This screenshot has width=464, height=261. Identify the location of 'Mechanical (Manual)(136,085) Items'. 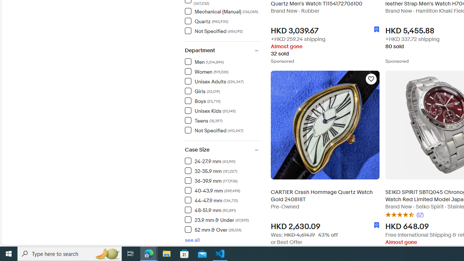
(223, 11).